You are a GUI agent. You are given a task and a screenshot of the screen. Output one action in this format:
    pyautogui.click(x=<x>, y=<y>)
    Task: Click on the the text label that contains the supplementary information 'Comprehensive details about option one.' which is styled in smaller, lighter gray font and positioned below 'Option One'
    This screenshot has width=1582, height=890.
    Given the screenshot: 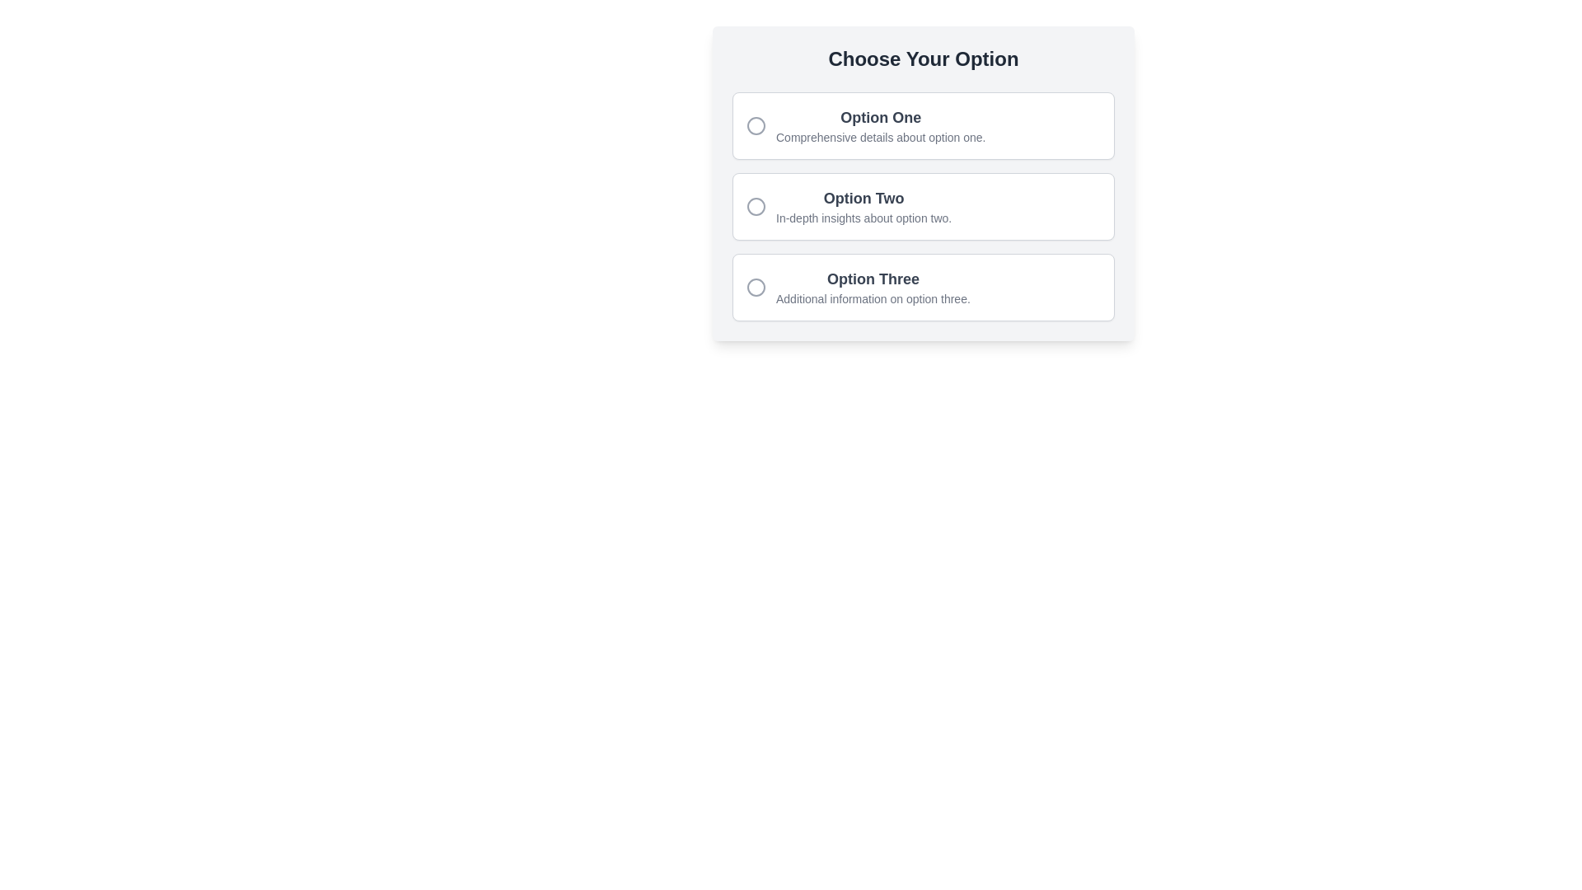 What is the action you would take?
    pyautogui.click(x=880, y=136)
    